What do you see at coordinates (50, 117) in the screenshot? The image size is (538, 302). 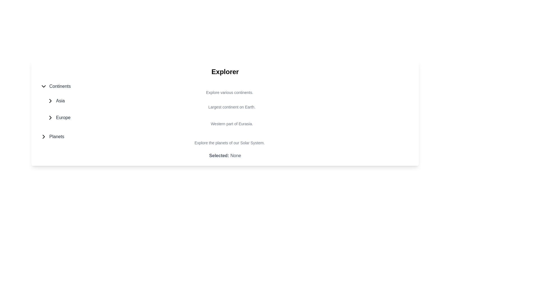 I see `the chevron-shaped right-pointing arrow icon in the navigation list, which is located to the left of the 'Europe' label` at bounding box center [50, 117].